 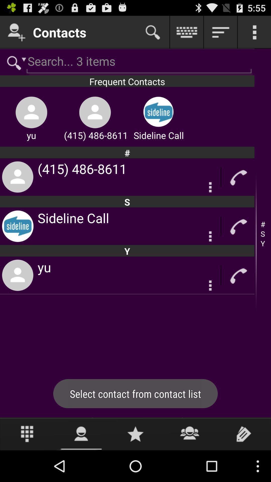 What do you see at coordinates (81, 464) in the screenshot?
I see `the avatar icon` at bounding box center [81, 464].